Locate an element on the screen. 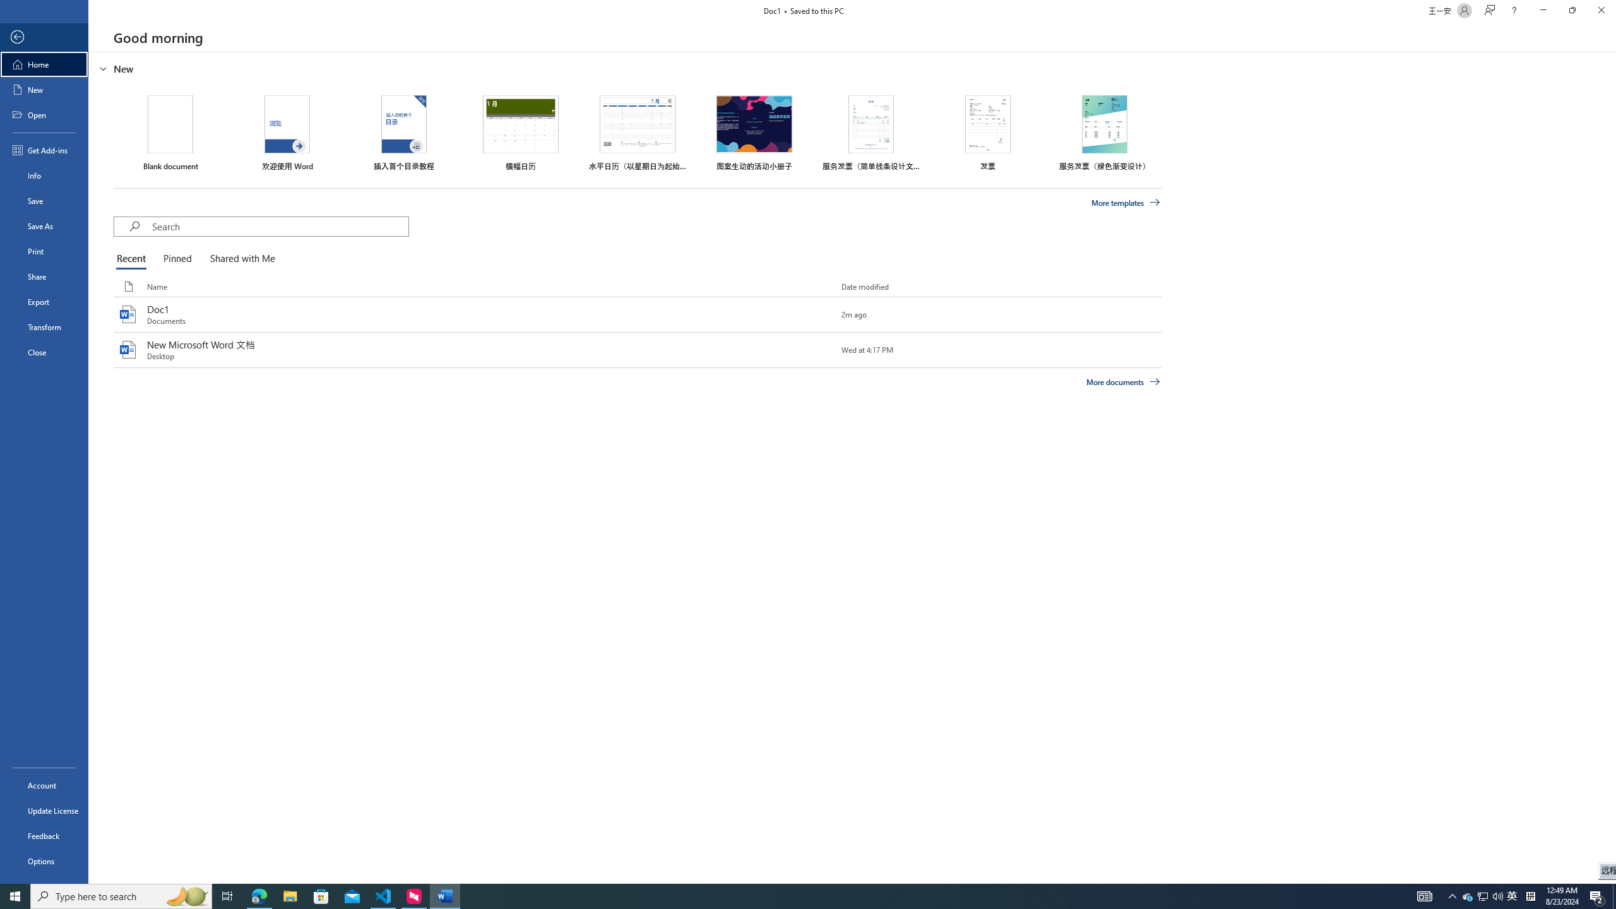  'Options' is located at coordinates (44, 860).